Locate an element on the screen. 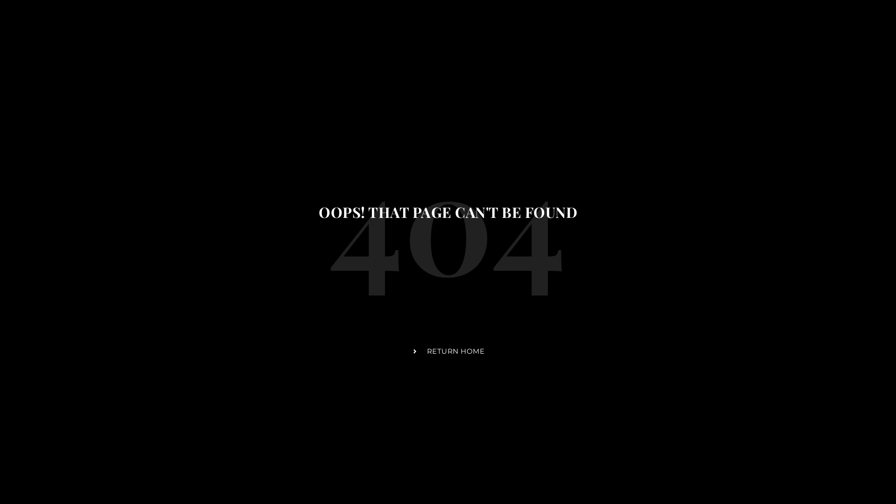  'RETURN HOME' is located at coordinates (448, 351).